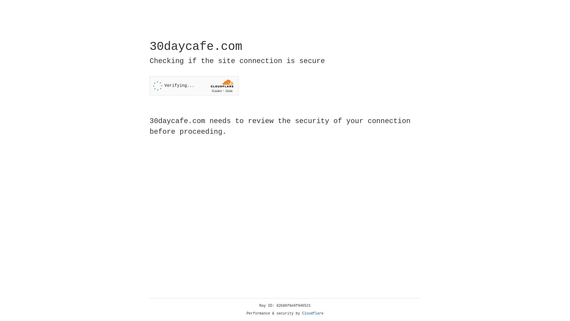 This screenshot has height=321, width=570. I want to click on 'Cloudflare', so click(313, 313).